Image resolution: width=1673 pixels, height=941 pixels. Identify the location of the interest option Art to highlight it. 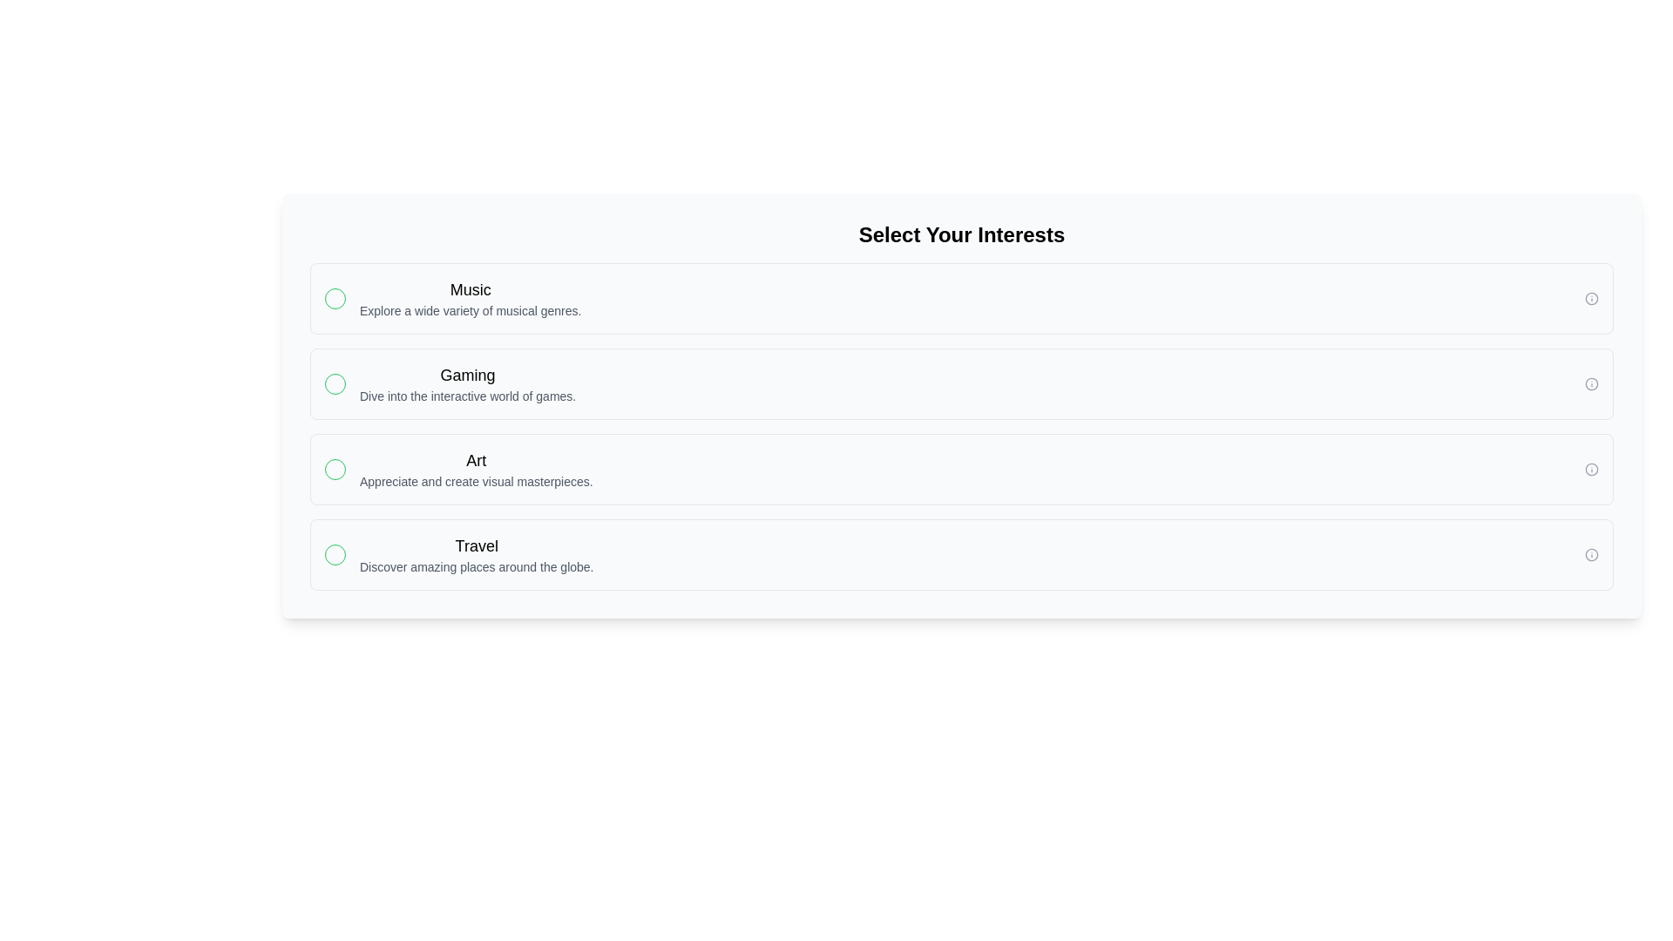
(961, 469).